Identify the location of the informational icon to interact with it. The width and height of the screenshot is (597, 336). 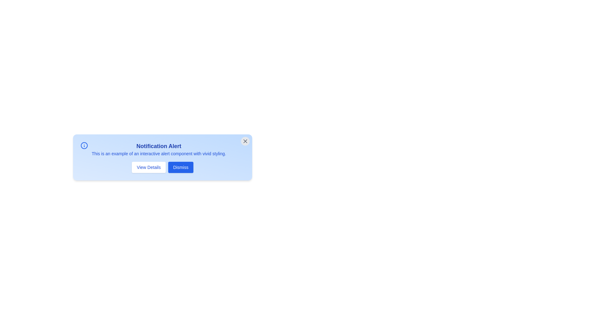
(84, 145).